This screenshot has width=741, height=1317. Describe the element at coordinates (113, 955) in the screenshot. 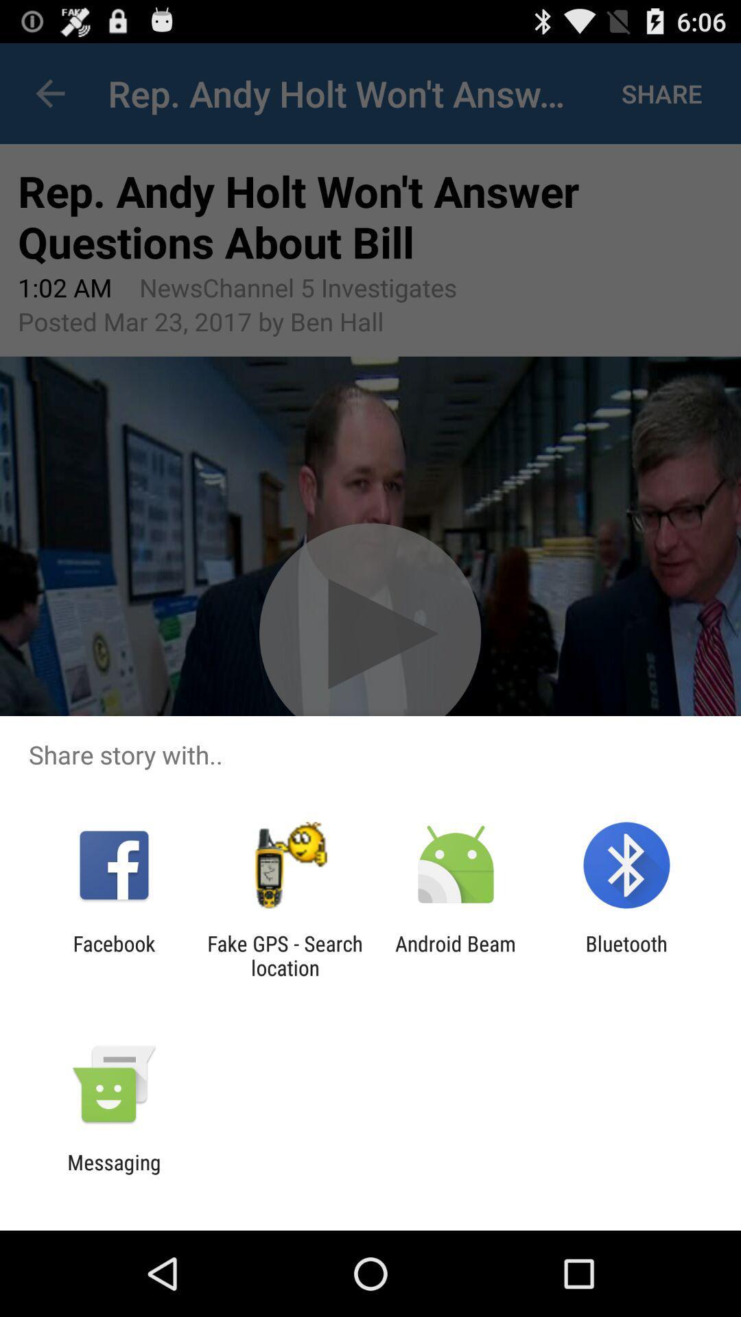

I see `the facebook` at that location.